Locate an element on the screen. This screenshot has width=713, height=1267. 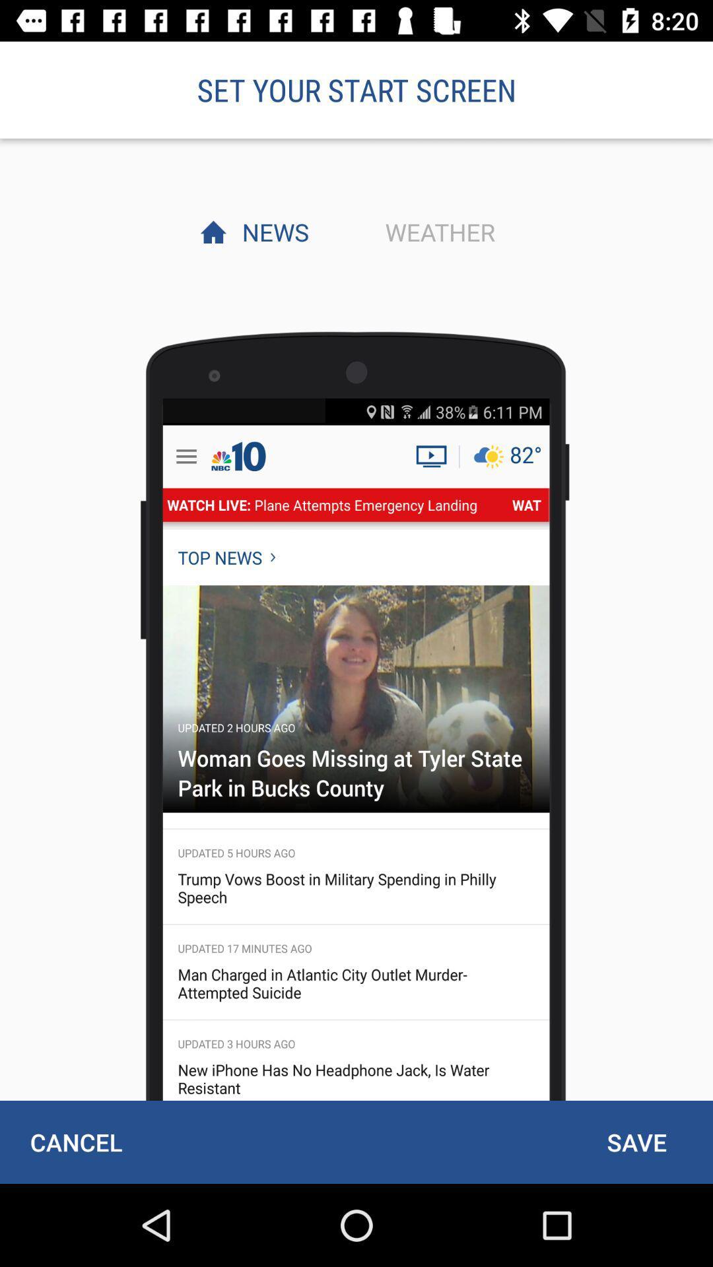
the item to the left of save is located at coordinates (76, 1142).